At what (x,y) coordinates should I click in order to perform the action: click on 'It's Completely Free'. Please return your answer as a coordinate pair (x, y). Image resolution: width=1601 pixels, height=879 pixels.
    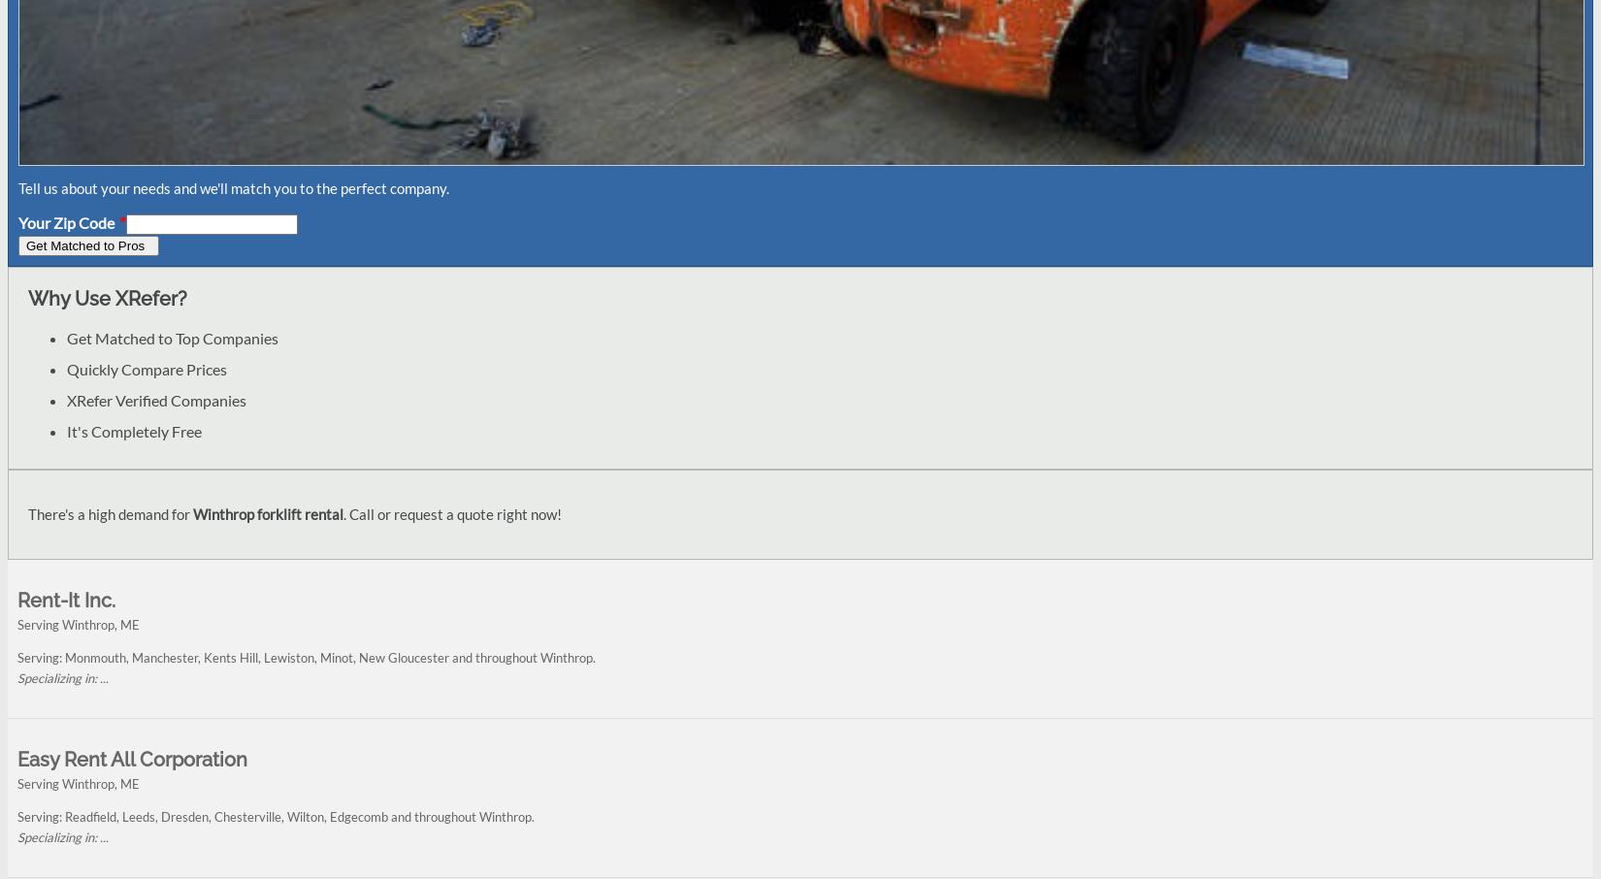
    Looking at the image, I should click on (66, 431).